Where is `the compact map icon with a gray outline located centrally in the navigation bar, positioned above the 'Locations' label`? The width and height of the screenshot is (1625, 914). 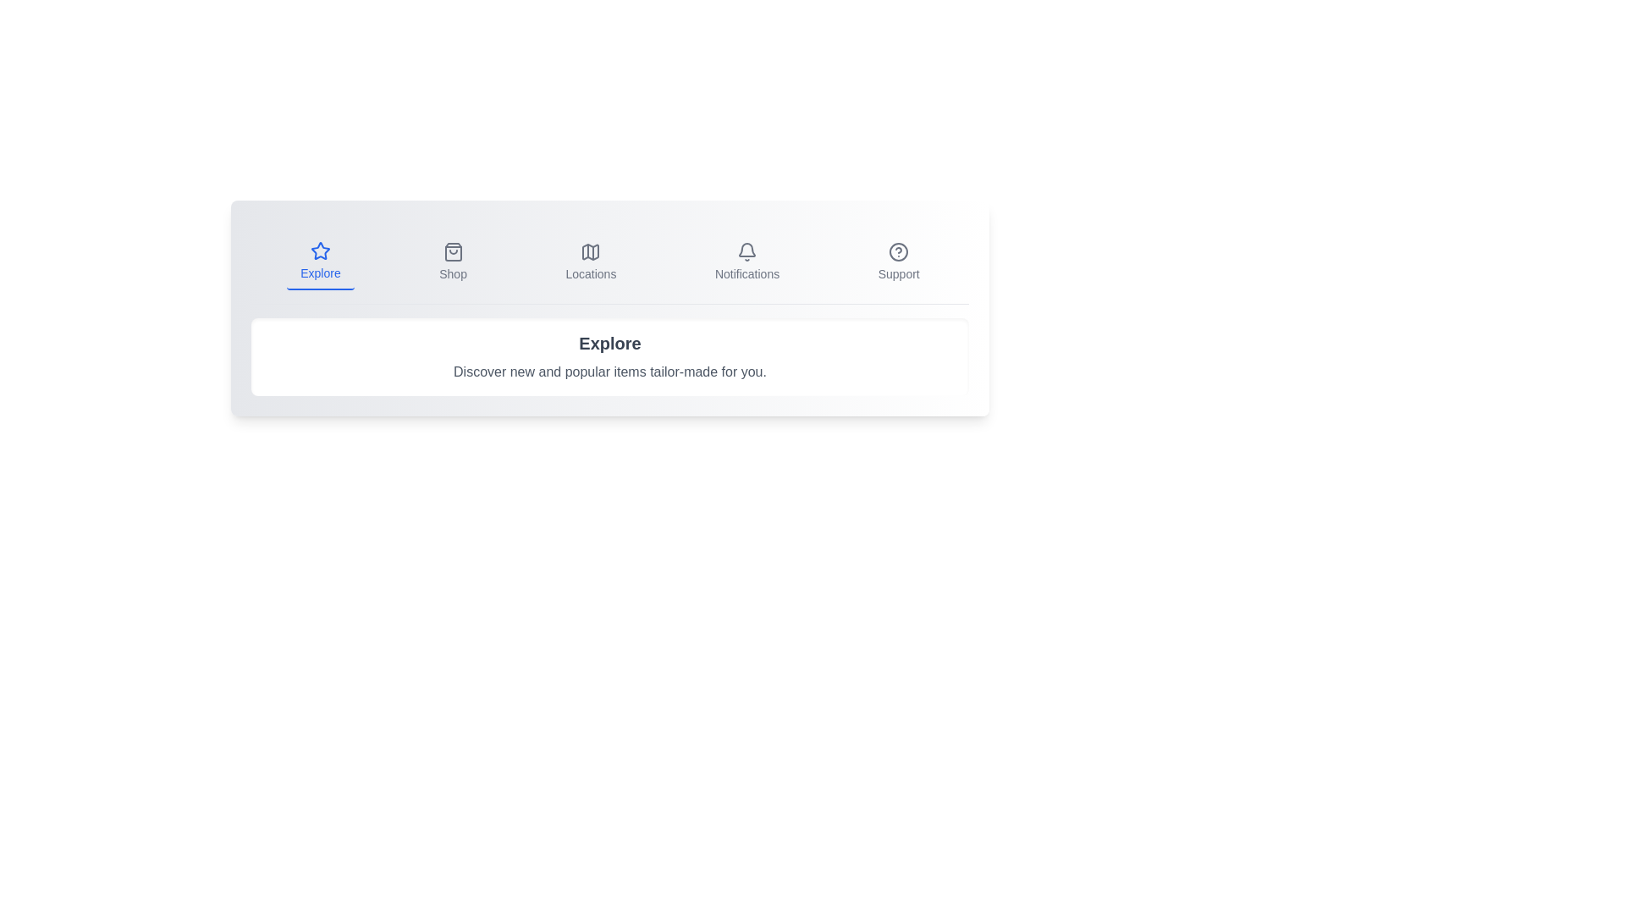
the compact map icon with a gray outline located centrally in the navigation bar, positioned above the 'Locations' label is located at coordinates (591, 251).